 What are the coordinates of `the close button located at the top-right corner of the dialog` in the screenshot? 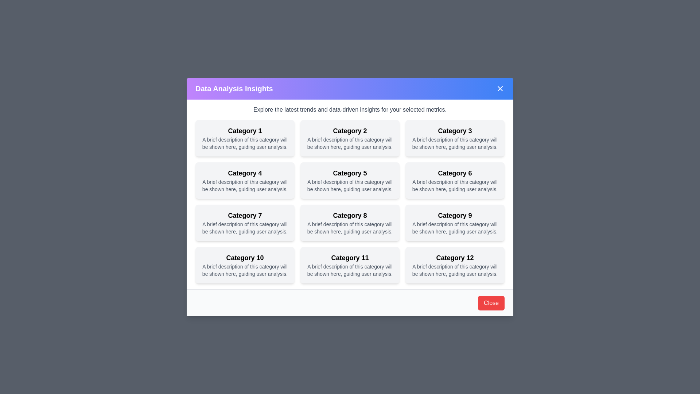 It's located at (500, 88).